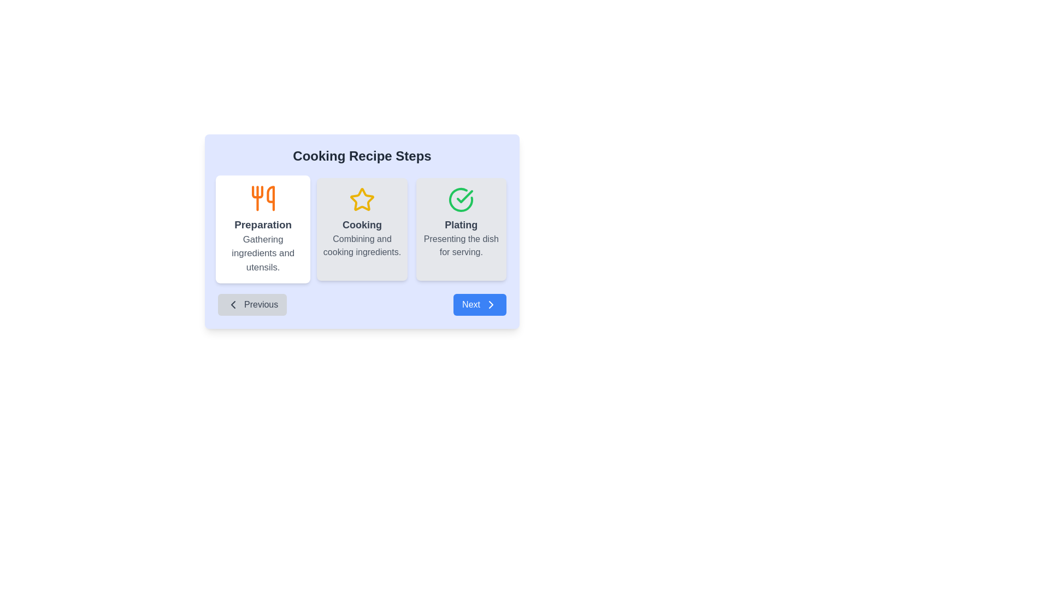  I want to click on the 'Cooking' card, so click(362, 231).